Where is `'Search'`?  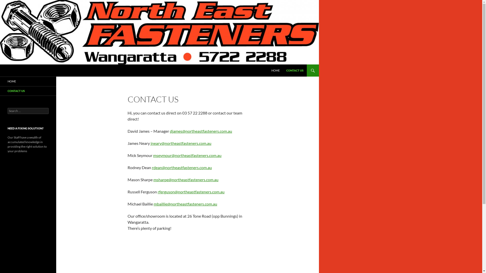
'Search' is located at coordinates (1, 64).